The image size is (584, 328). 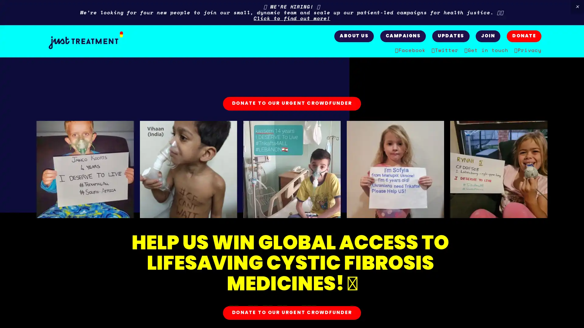 What do you see at coordinates (378, 114) in the screenshot?
I see `Close` at bounding box center [378, 114].